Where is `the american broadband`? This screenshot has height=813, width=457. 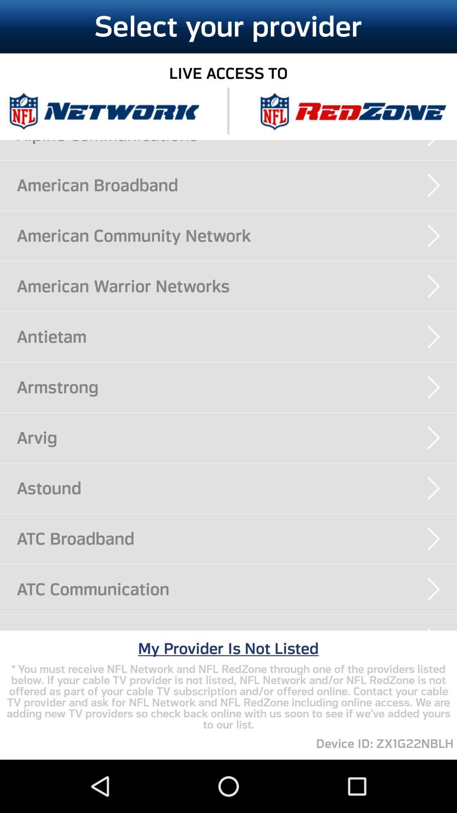
the american broadband is located at coordinates (237, 185).